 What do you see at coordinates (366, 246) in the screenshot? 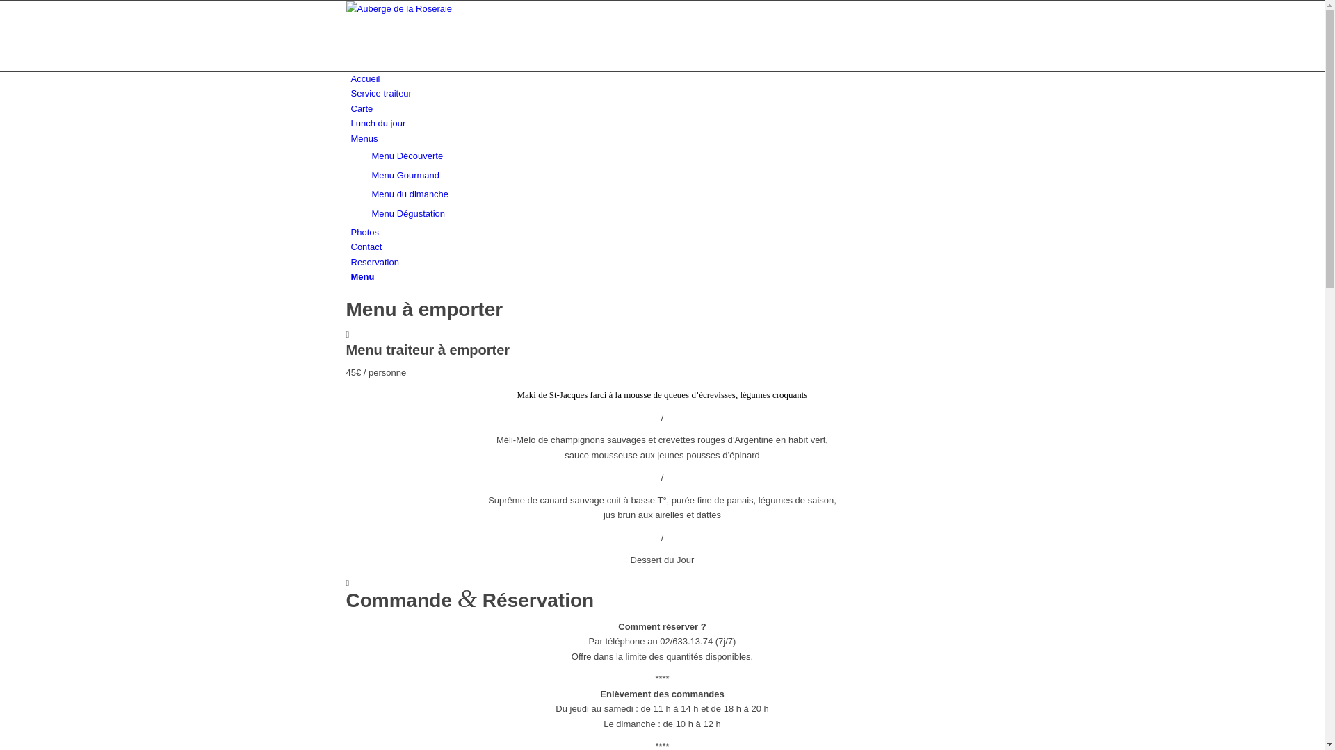
I see `'Contact'` at bounding box center [366, 246].